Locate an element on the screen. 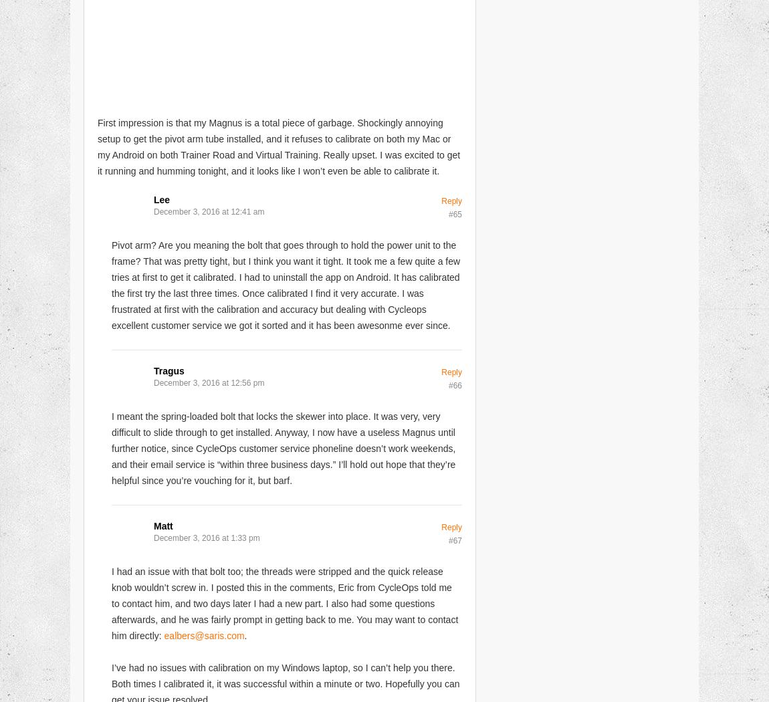 The height and width of the screenshot is (702, 769). '#65' is located at coordinates (454, 214).